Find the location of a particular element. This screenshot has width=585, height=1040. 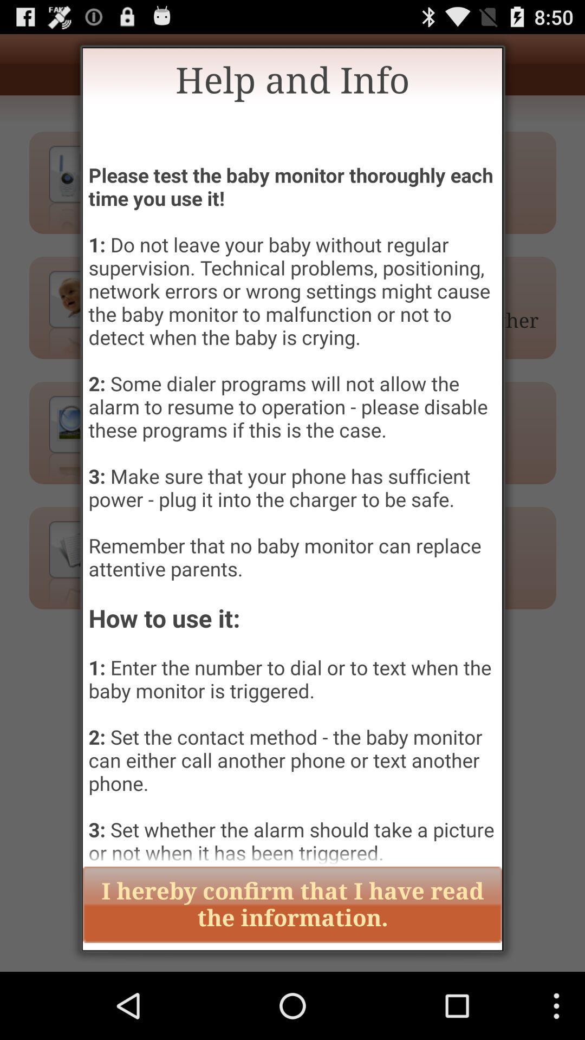

the item at the bottom is located at coordinates (292, 905).